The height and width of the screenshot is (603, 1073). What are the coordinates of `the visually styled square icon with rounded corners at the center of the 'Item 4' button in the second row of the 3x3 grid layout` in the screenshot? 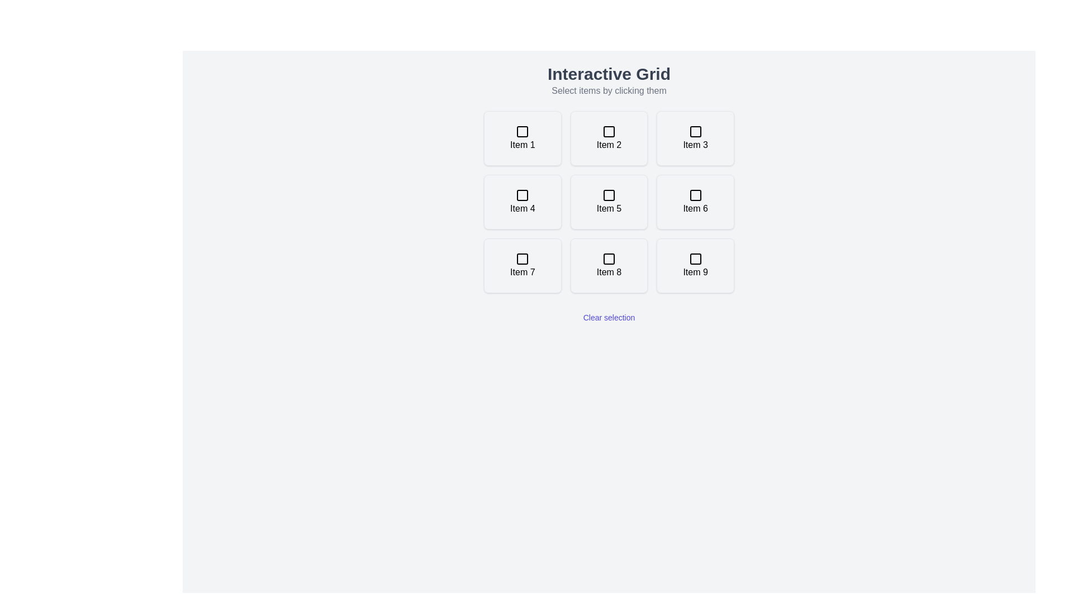 It's located at (522, 195).